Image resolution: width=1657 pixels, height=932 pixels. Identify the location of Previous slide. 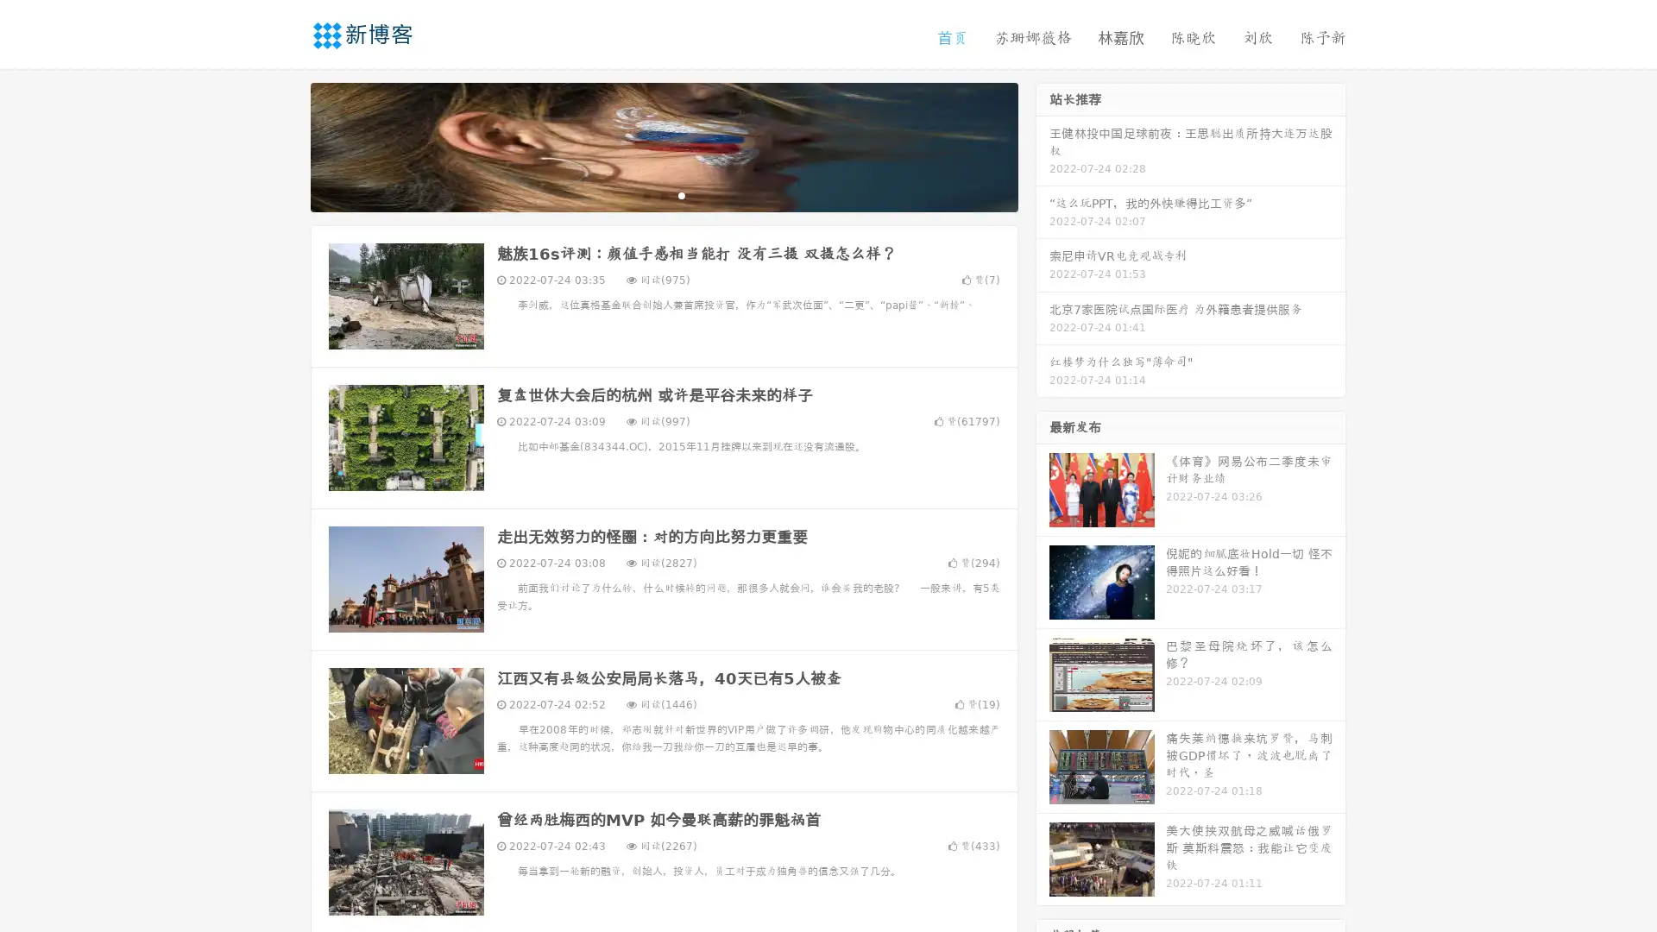
(285, 145).